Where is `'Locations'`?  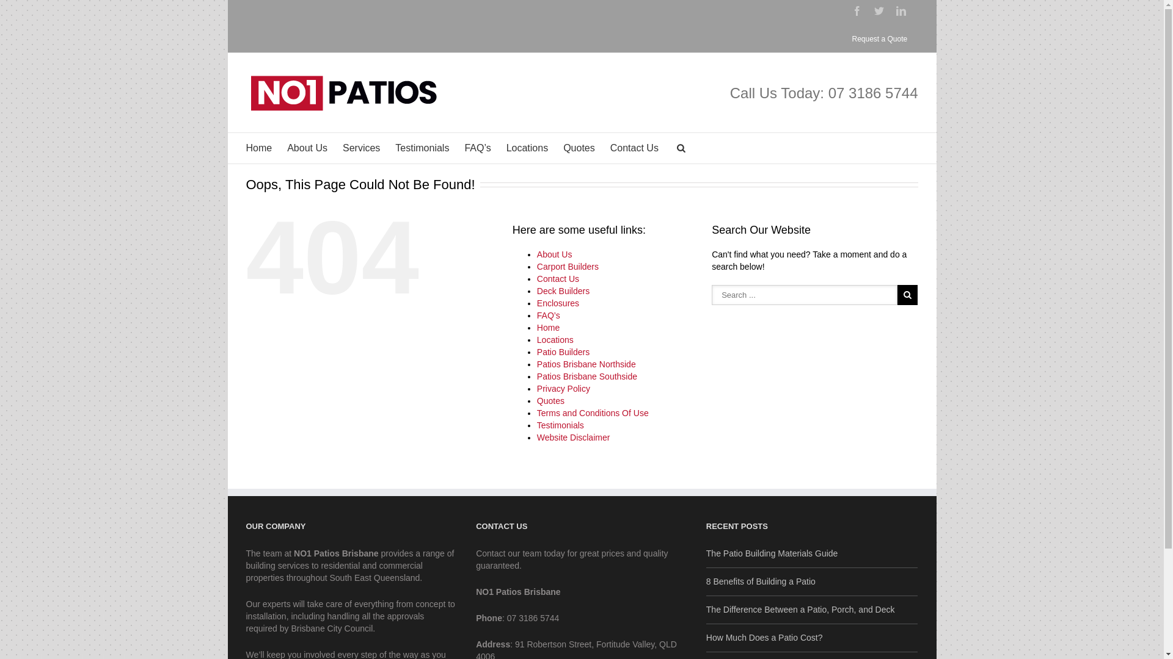 'Locations' is located at coordinates (554, 339).